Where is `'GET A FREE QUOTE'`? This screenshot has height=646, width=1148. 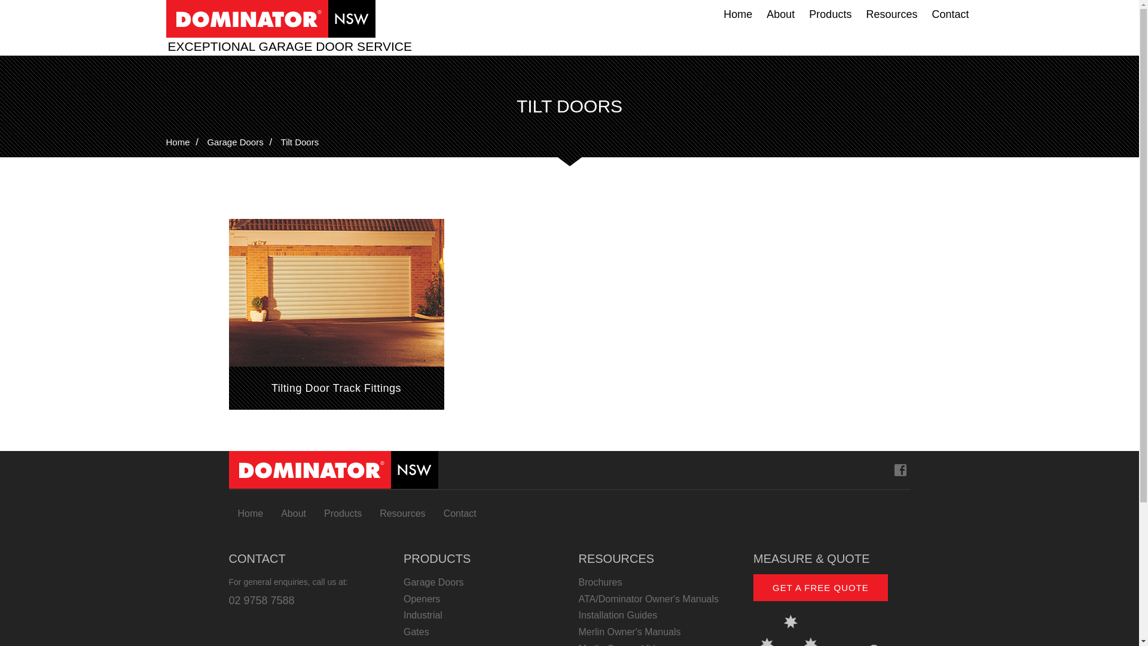 'GET A FREE QUOTE' is located at coordinates (820, 587).